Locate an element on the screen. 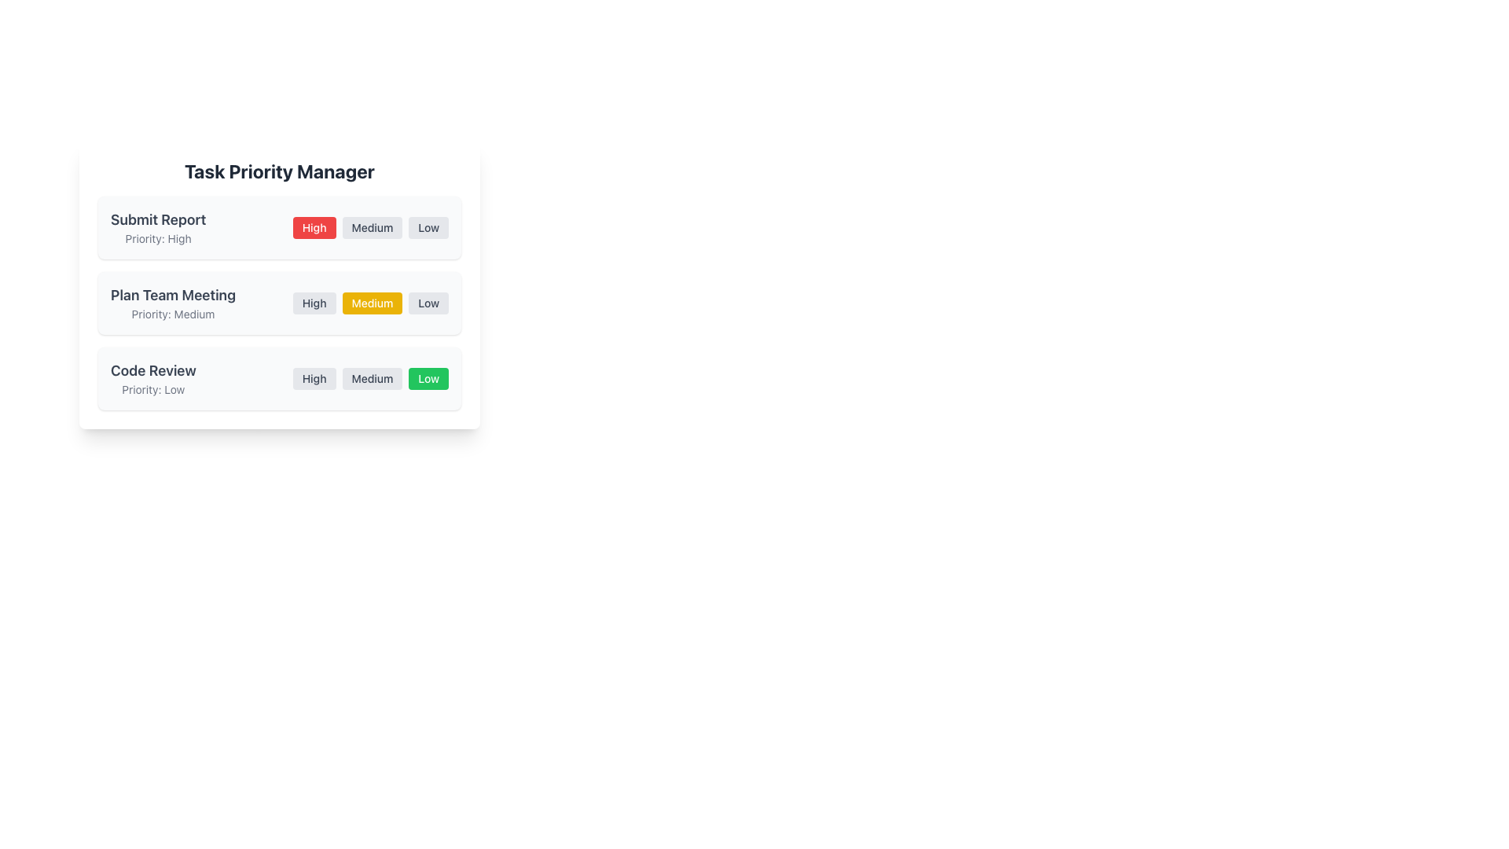 Image resolution: width=1509 pixels, height=849 pixels. the text label displaying the priority status 'High' for the task 'Submit Report', located under the header in the task priority list is located at coordinates (158, 239).